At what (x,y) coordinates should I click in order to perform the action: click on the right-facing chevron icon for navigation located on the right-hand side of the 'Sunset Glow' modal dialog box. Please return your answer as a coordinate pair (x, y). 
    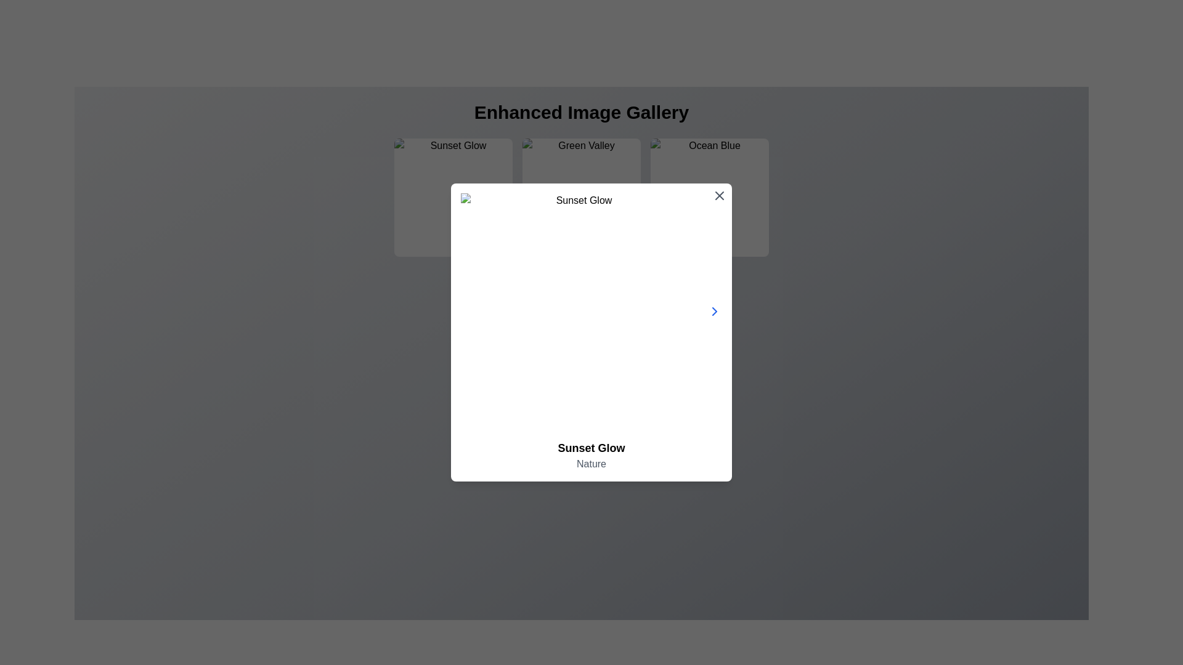
    Looking at the image, I should click on (715, 310).